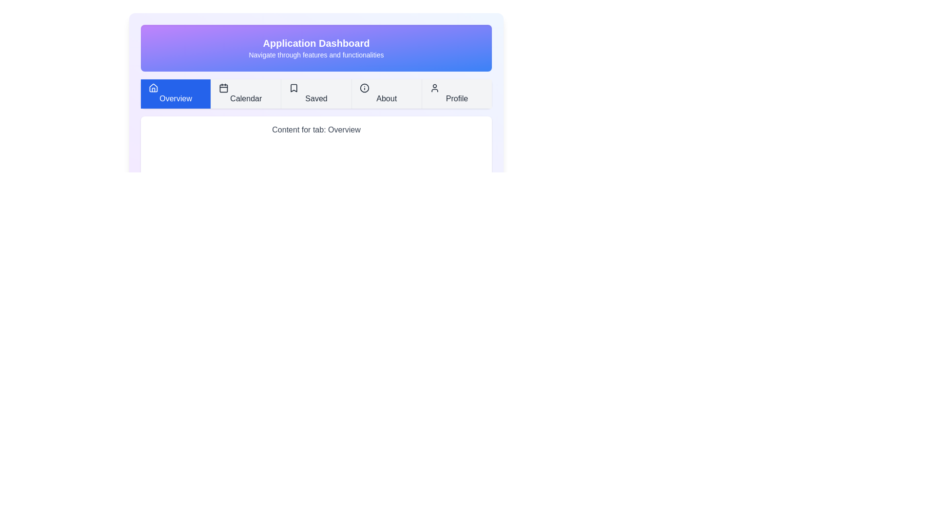 This screenshot has height=526, width=936. I want to click on the Circle element that forms the stroke outline of the information icon in the navigation menu labeled 'About', located in the header section of the application, so click(364, 88).